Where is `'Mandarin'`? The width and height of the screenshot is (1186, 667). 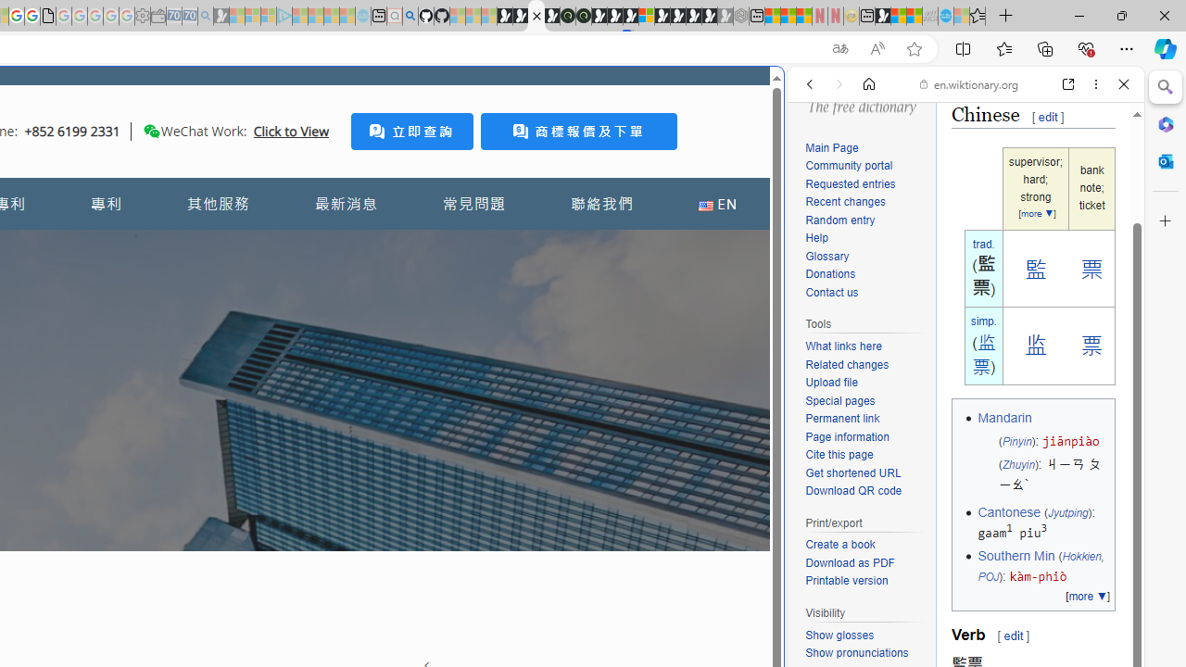
'Mandarin' is located at coordinates (1003, 418).